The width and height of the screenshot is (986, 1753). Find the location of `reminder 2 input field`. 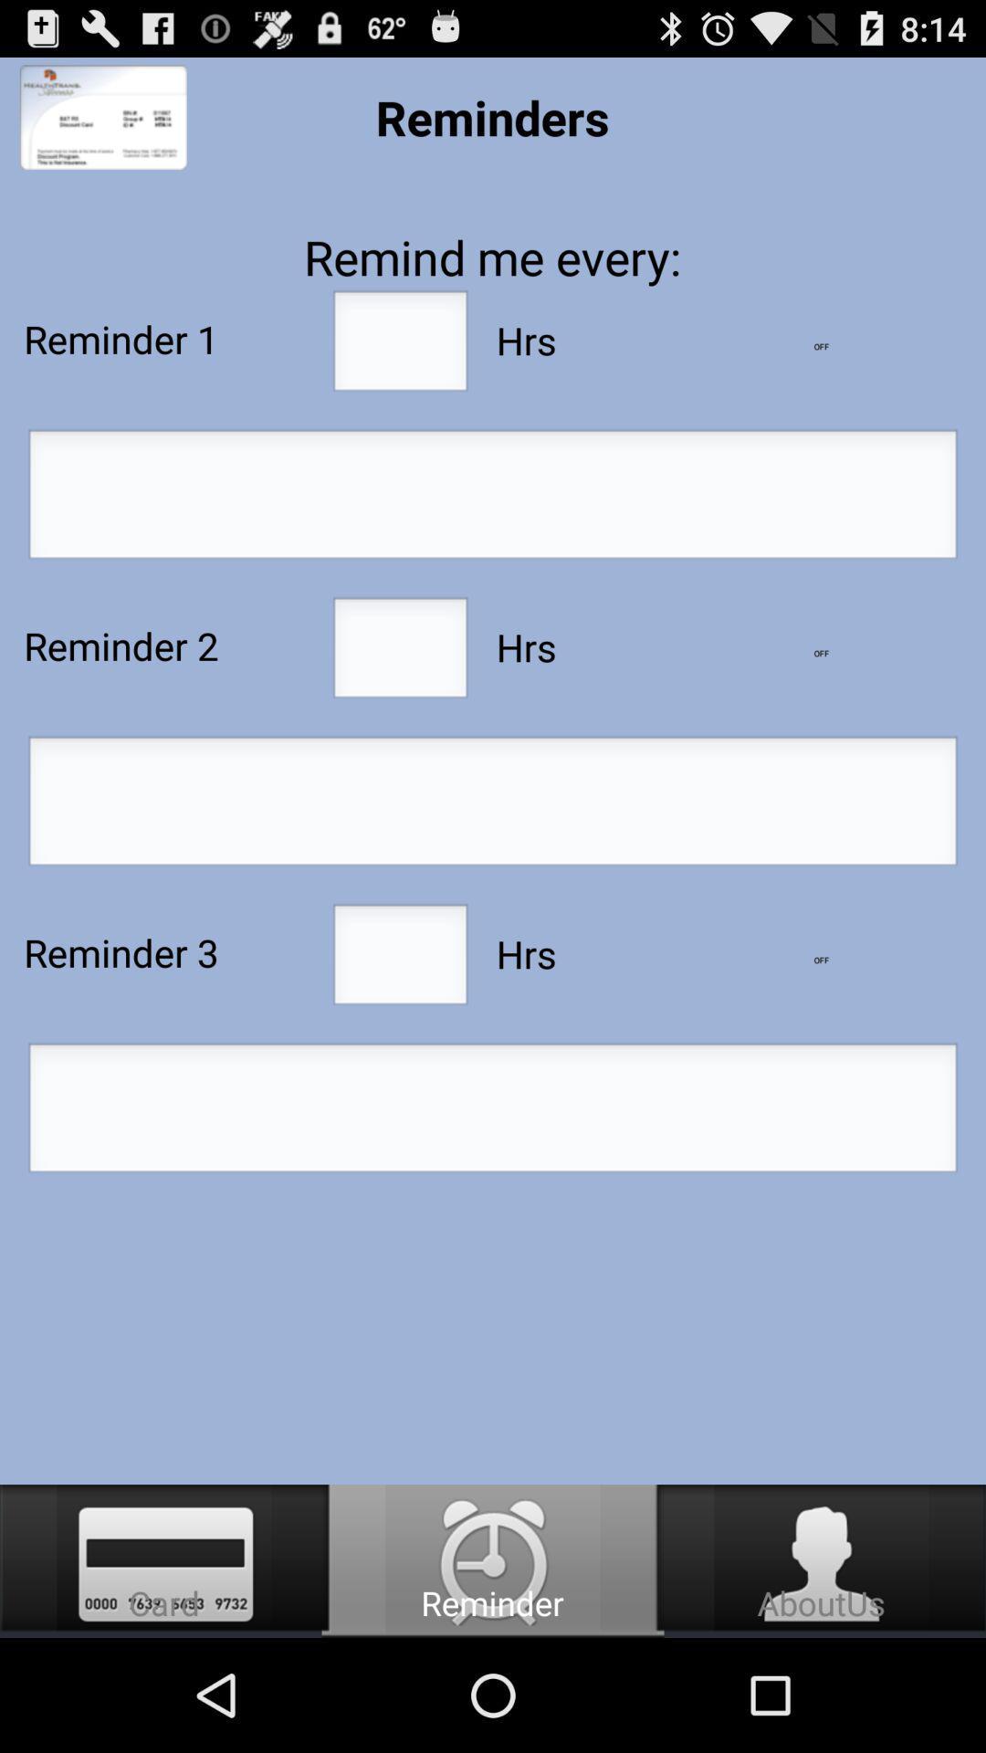

reminder 2 input field is located at coordinates (399, 653).